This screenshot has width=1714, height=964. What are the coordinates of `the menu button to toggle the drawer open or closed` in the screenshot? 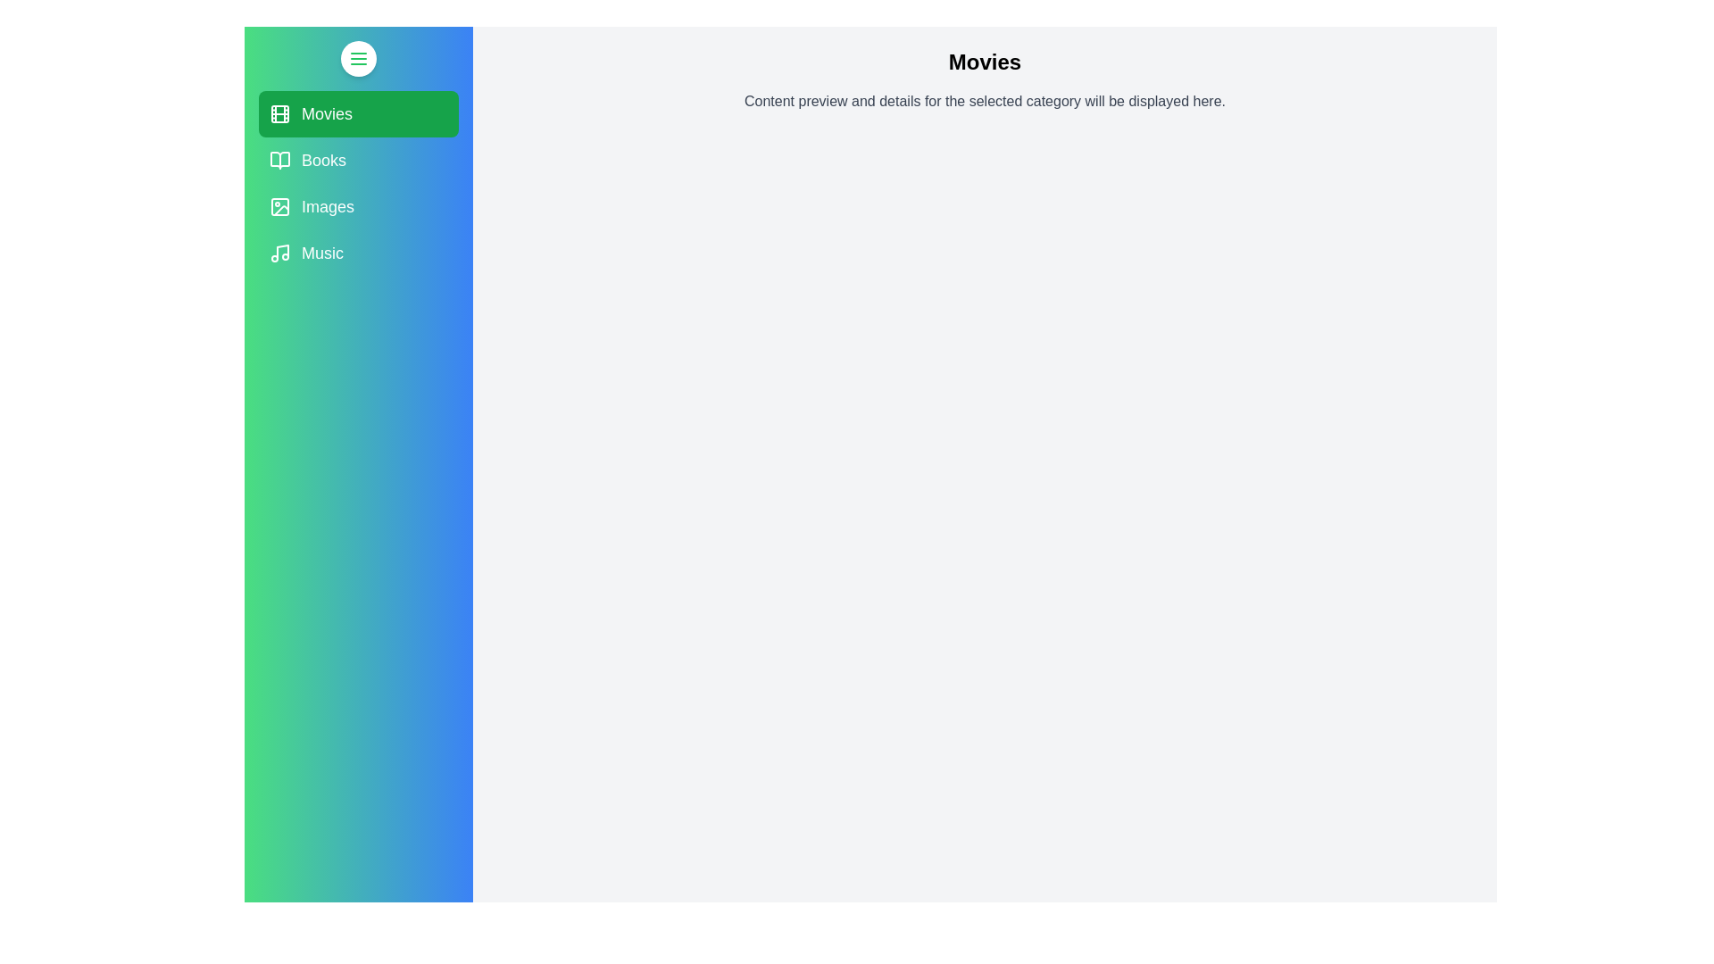 It's located at (358, 57).